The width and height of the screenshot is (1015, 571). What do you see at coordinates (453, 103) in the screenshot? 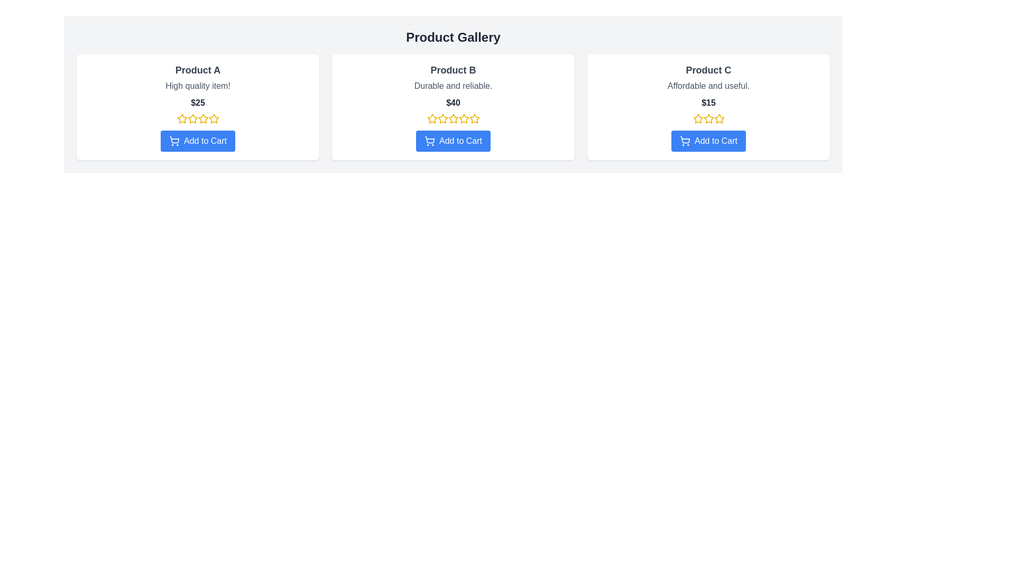
I see `the text label displaying the product price '$40', which is located in the middle column of the product gallery, under the 'Durable and reliable.' description and above the star rating` at bounding box center [453, 103].